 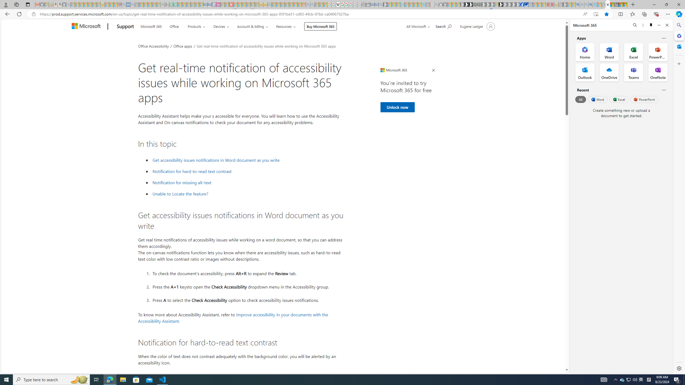 I want to click on 'PowerPoint', so click(x=644, y=99).